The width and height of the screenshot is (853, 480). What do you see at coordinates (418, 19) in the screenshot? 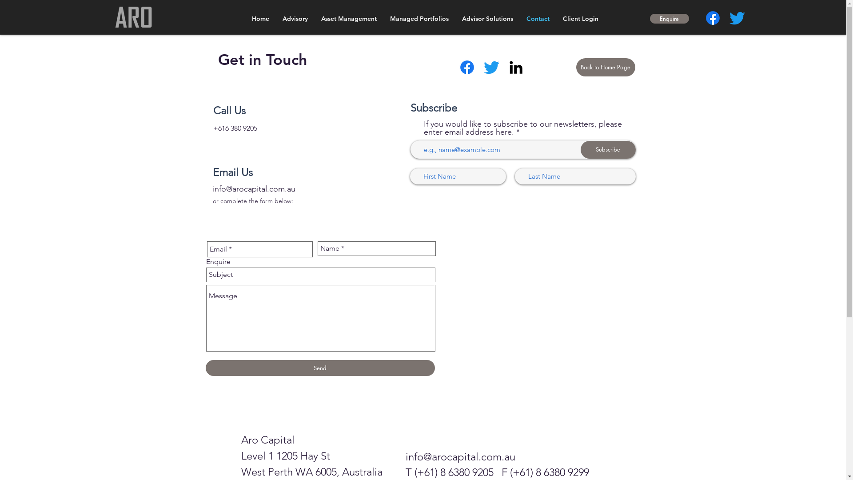
I see `'Managed Portfolios'` at bounding box center [418, 19].